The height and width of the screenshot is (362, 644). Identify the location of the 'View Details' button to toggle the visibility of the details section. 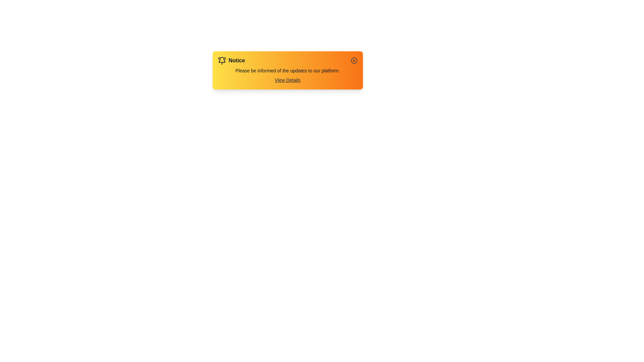
(287, 80).